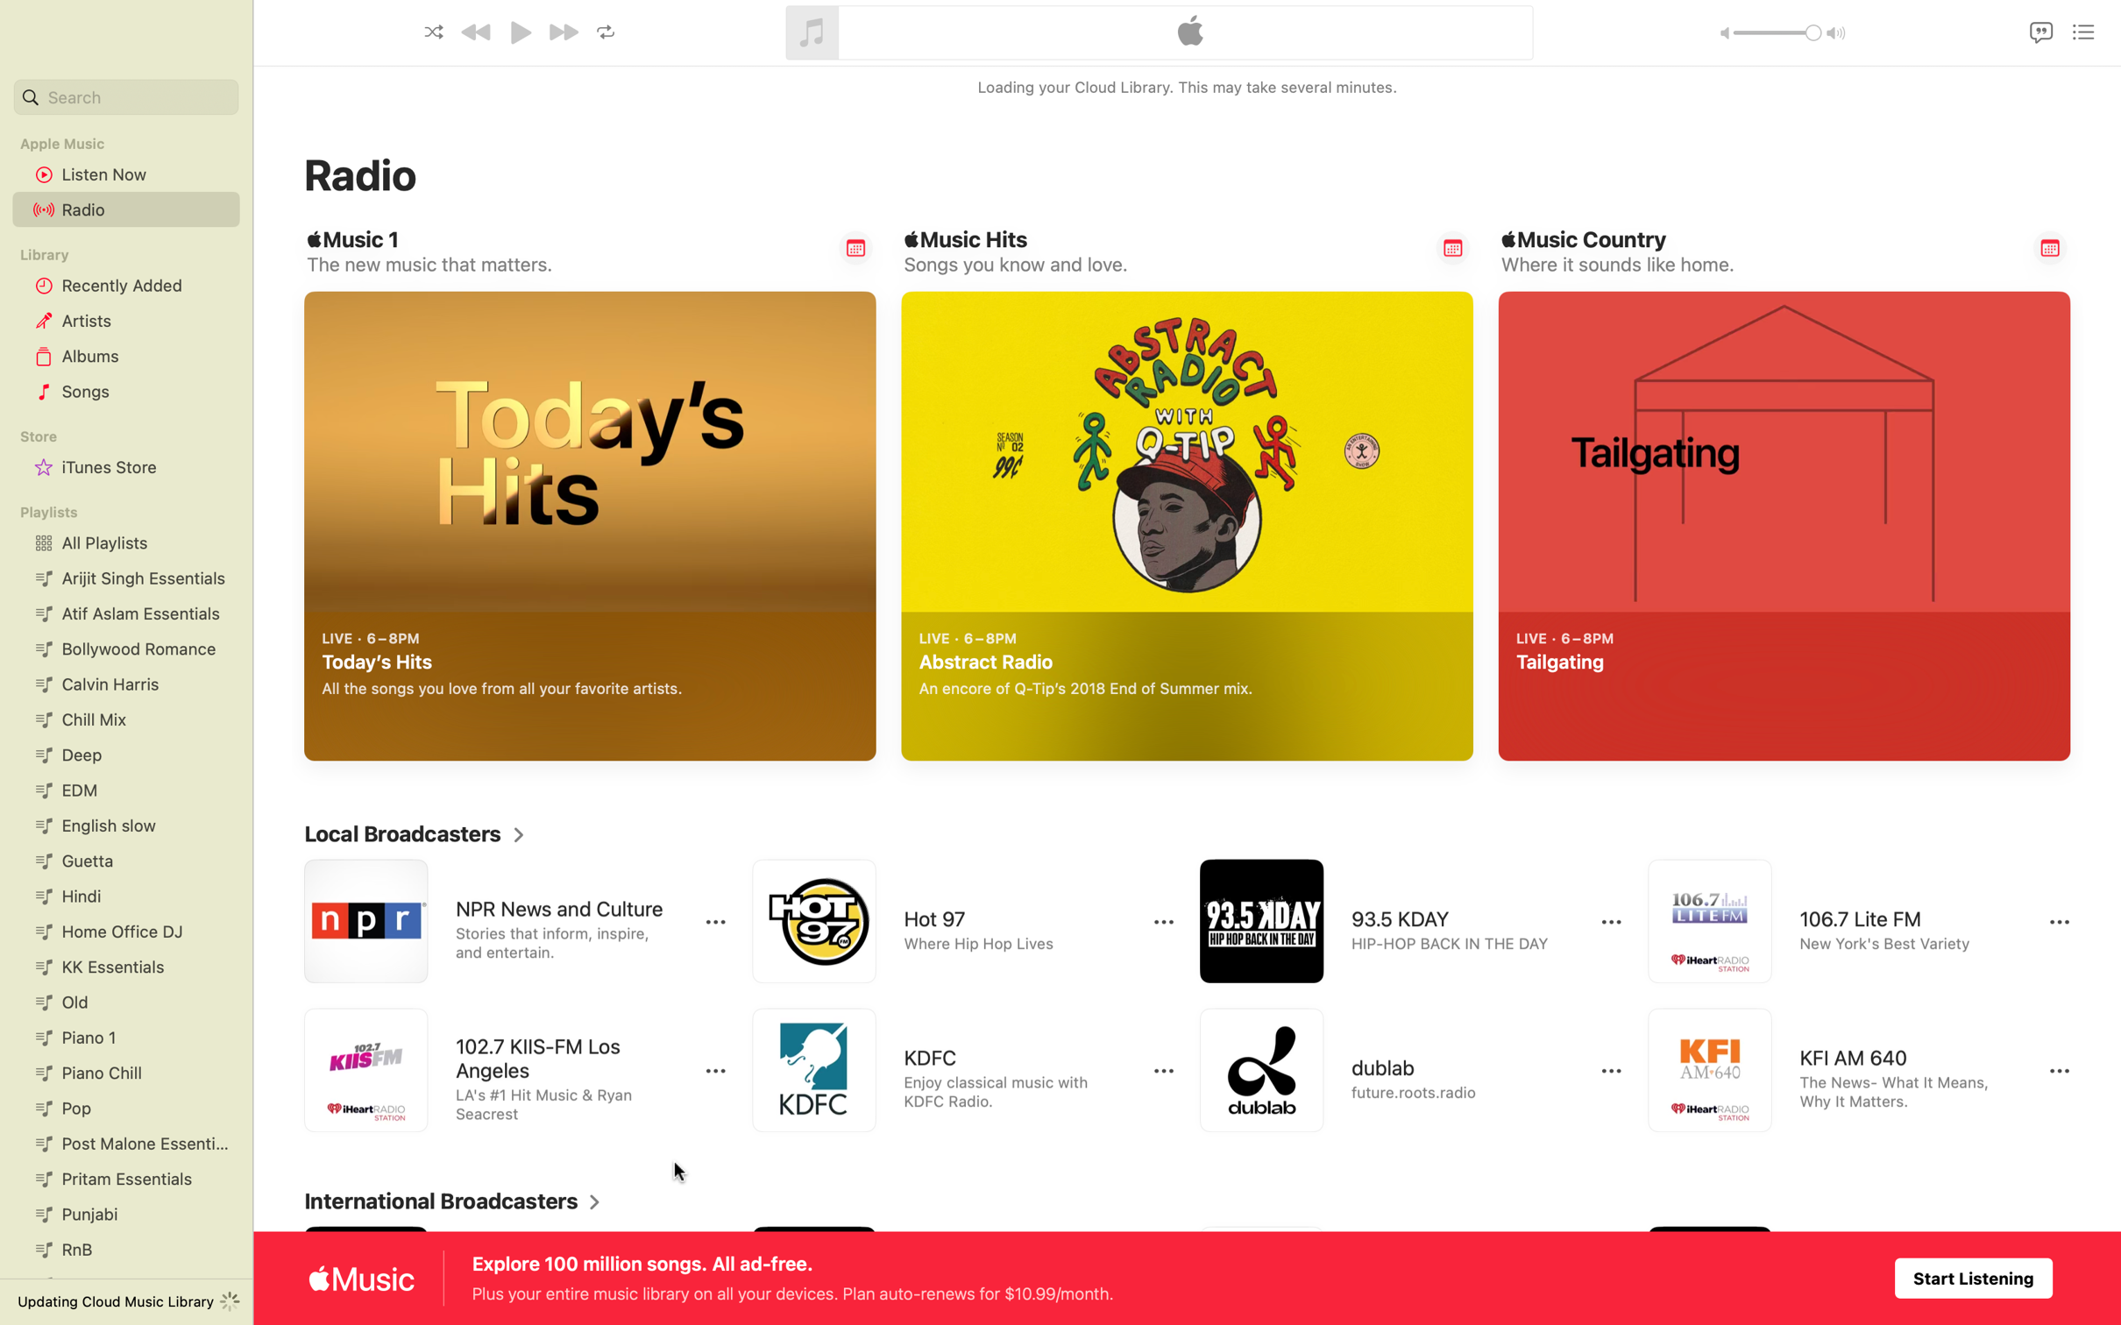 The image size is (2121, 1325). Describe the element at coordinates (1394, 921) in the screenshot. I see `Listen to 93.5 KDAY` at that location.